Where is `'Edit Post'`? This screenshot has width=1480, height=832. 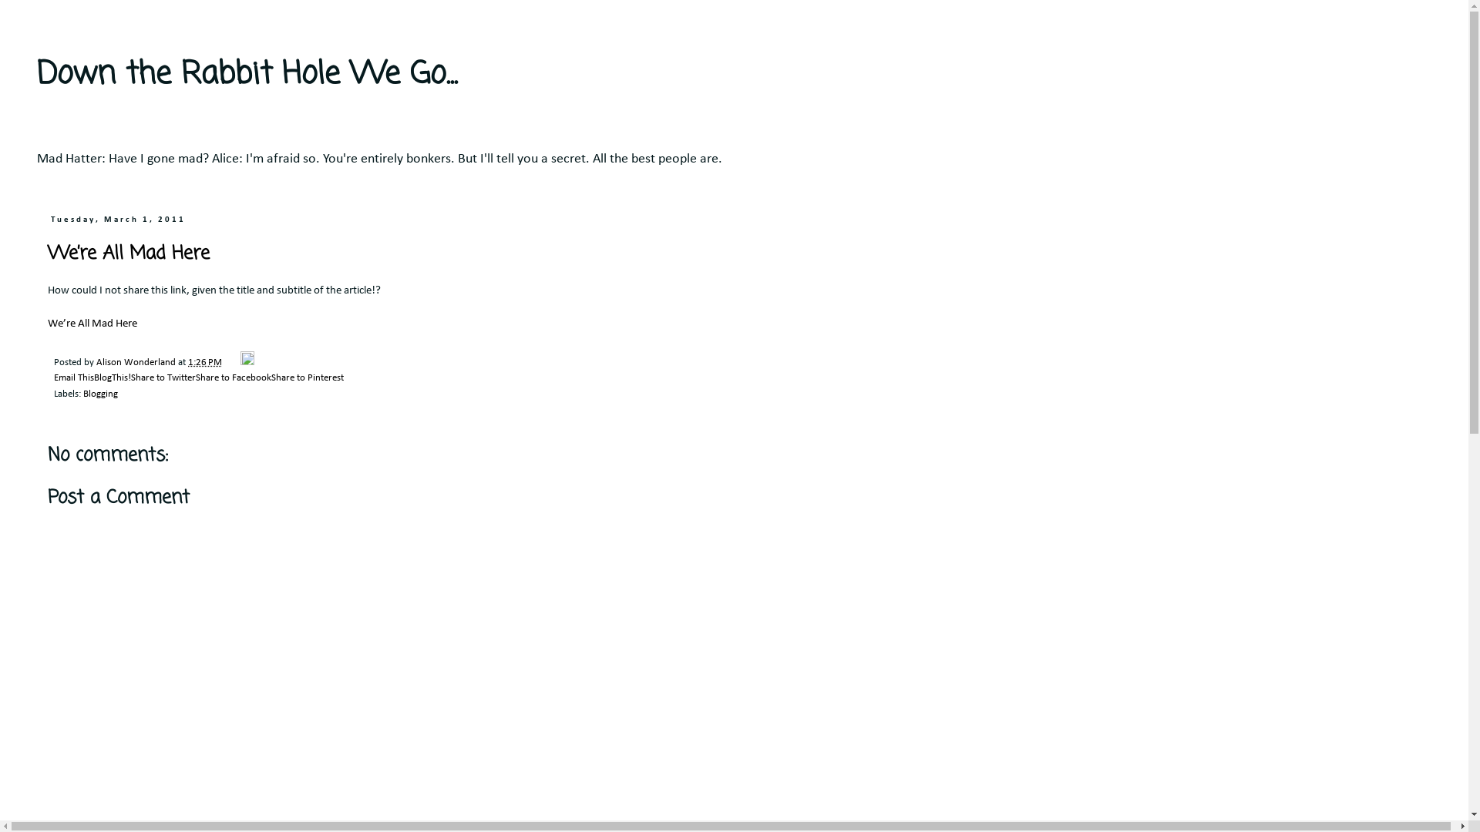 'Edit Post' is located at coordinates (240, 362).